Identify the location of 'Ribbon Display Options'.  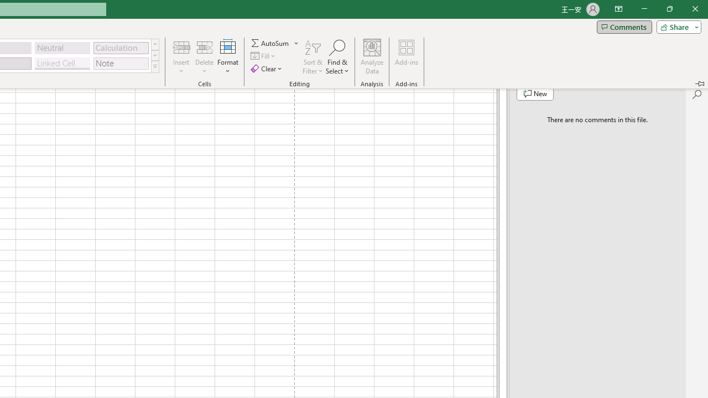
(618, 9).